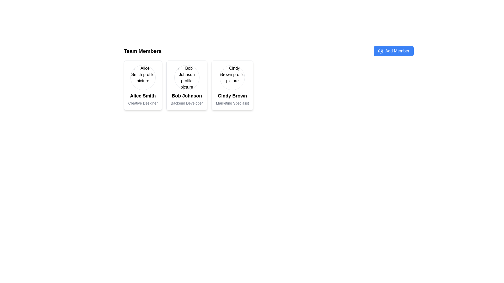 This screenshot has height=283, width=504. I want to click on the smiling face icon located to the left of the 'Add Member' text within the blue button near the top-right area of the interface, so click(380, 51).